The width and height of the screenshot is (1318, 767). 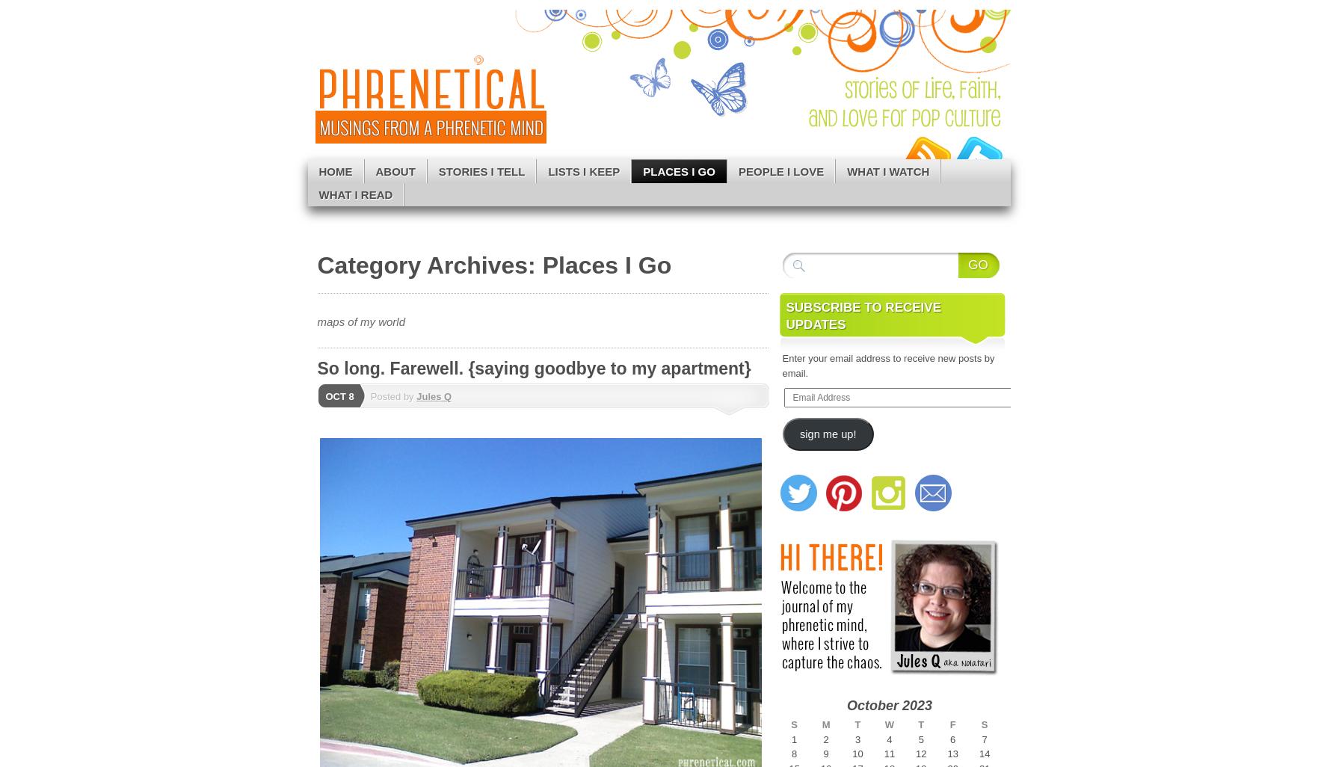 What do you see at coordinates (917, 738) in the screenshot?
I see `'5'` at bounding box center [917, 738].